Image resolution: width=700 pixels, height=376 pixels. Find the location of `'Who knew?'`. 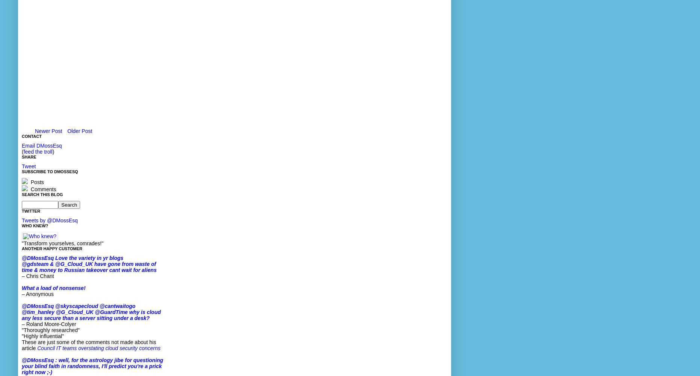

'Who knew?' is located at coordinates (35, 226).